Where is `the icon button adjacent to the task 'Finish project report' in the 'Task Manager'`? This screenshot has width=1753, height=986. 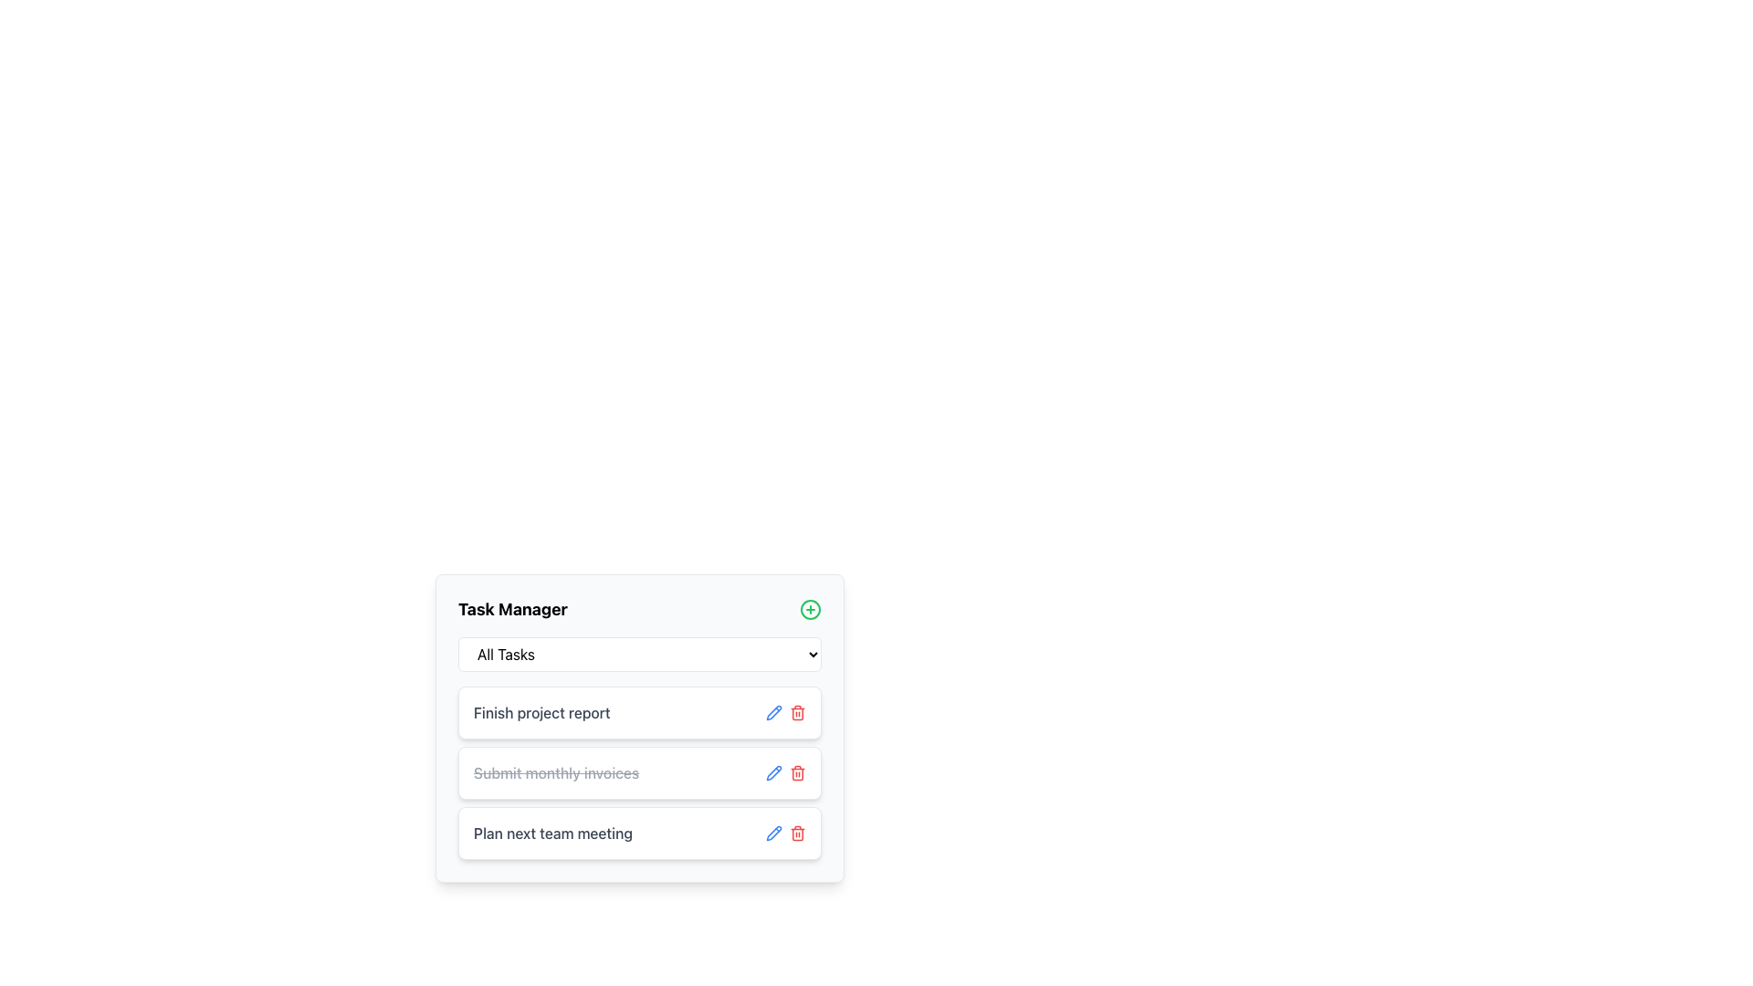
the icon button adjacent to the task 'Finish project report' in the 'Task Manager' is located at coordinates (774, 711).